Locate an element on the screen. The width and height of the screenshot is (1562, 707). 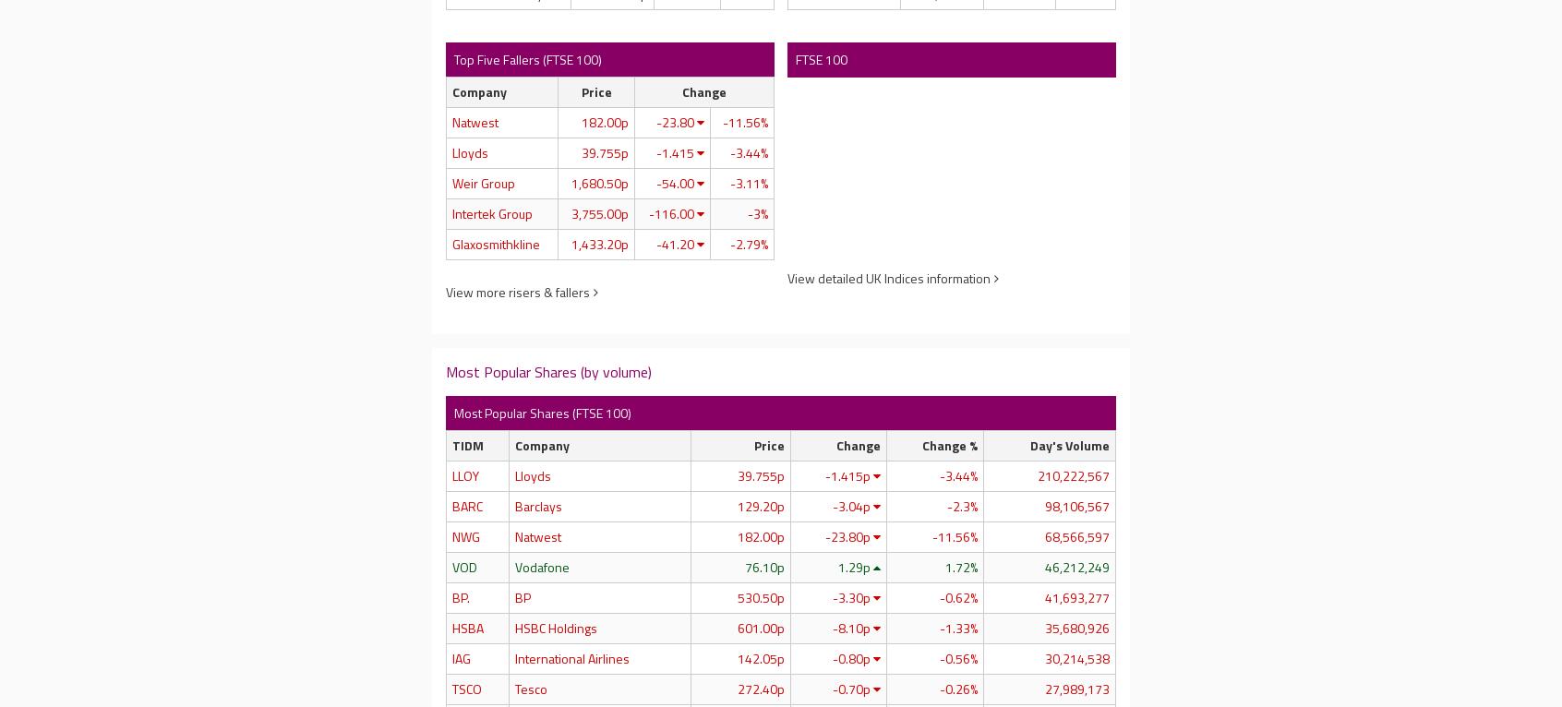
'-3%' is located at coordinates (756, 211).